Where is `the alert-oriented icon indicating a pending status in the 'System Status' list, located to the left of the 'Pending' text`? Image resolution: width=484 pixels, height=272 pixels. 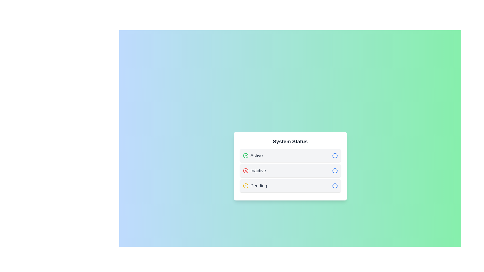
the alert-oriented icon indicating a pending status in the 'System Status' list, located to the left of the 'Pending' text is located at coordinates (246, 186).